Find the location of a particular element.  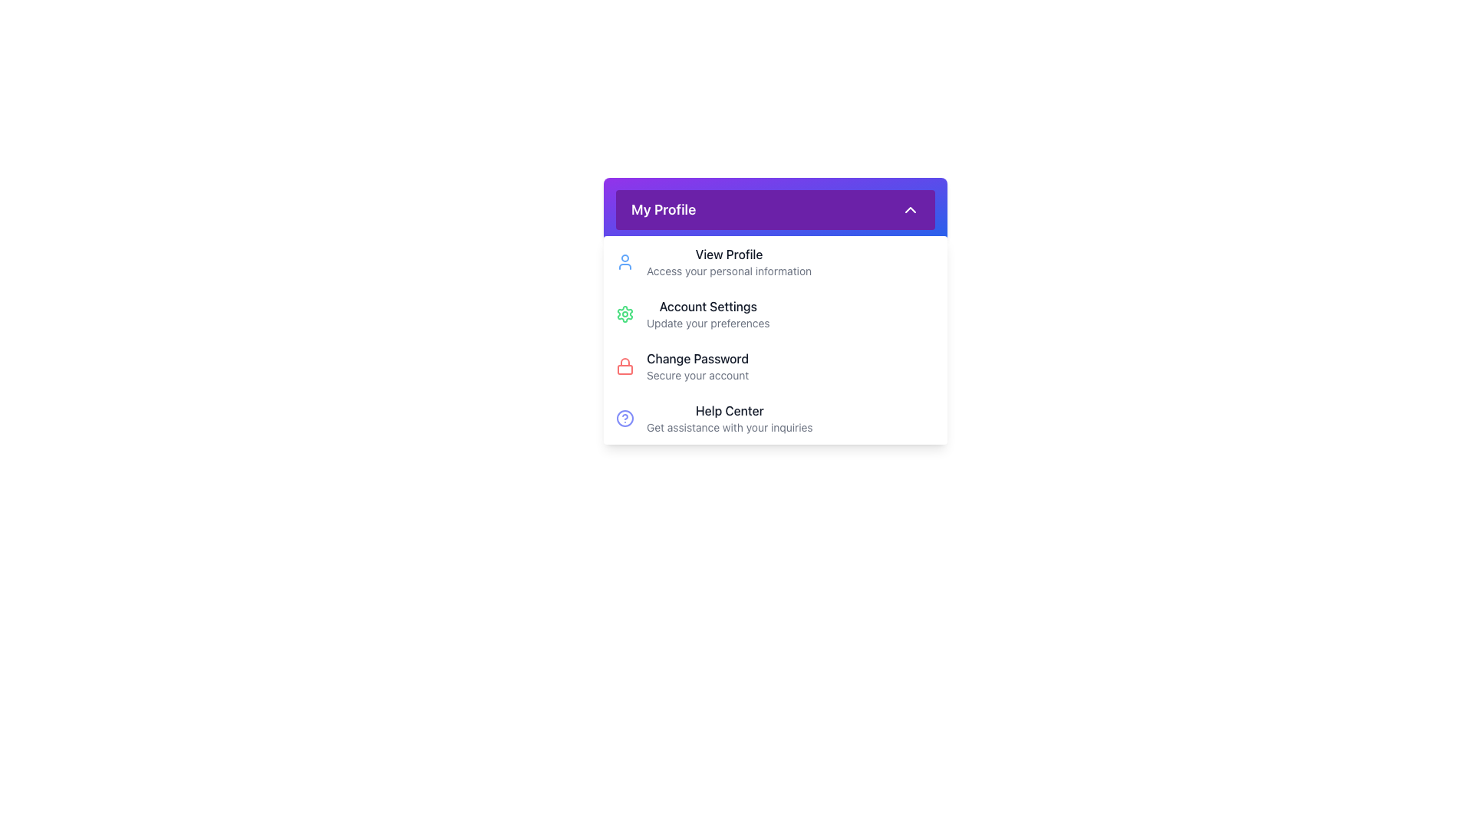

the user icon styled in blue, located to the left of the text 'View Profile' in the dropdown menu under 'My Profile' is located at coordinates (625, 261).